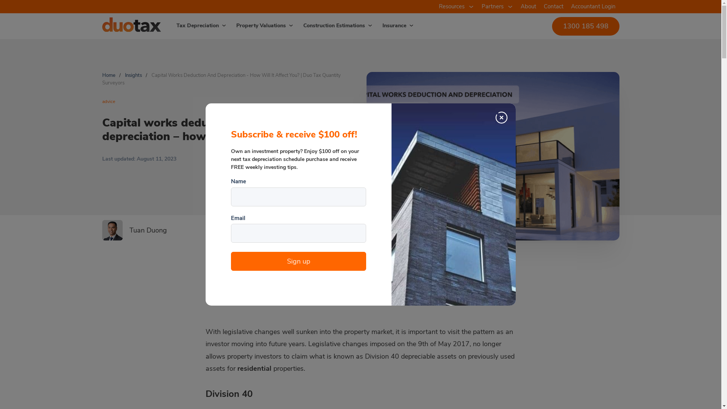  What do you see at coordinates (434, 6) in the screenshot?
I see `'Resources'` at bounding box center [434, 6].